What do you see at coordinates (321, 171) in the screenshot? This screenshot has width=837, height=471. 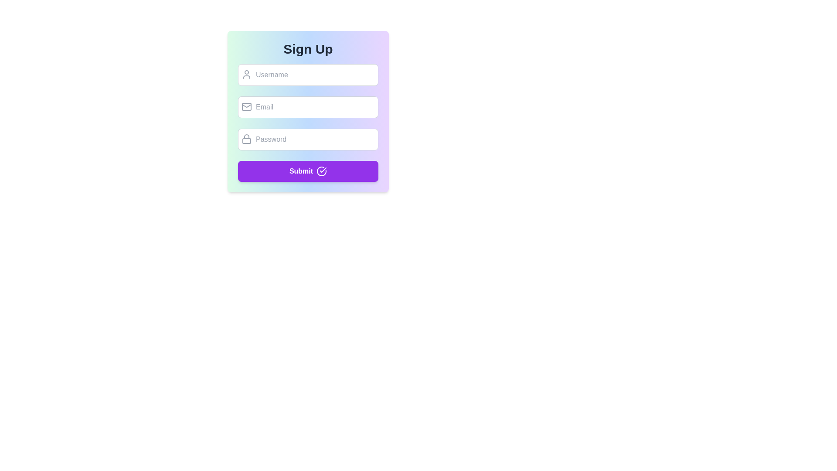 I see `the SVG-based checkmark icon within the 'Submit' button, which is styled with the class 'lucide-circle-check-big' and features a purple fill with a white border` at bounding box center [321, 171].